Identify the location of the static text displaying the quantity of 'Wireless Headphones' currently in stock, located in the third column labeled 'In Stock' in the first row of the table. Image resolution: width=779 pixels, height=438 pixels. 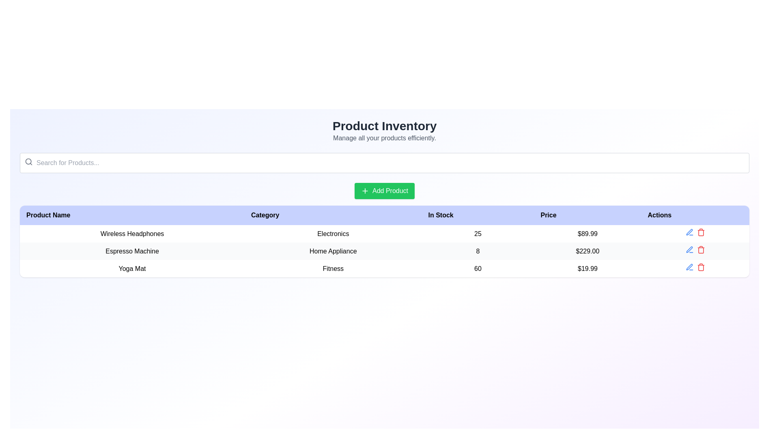
(478, 233).